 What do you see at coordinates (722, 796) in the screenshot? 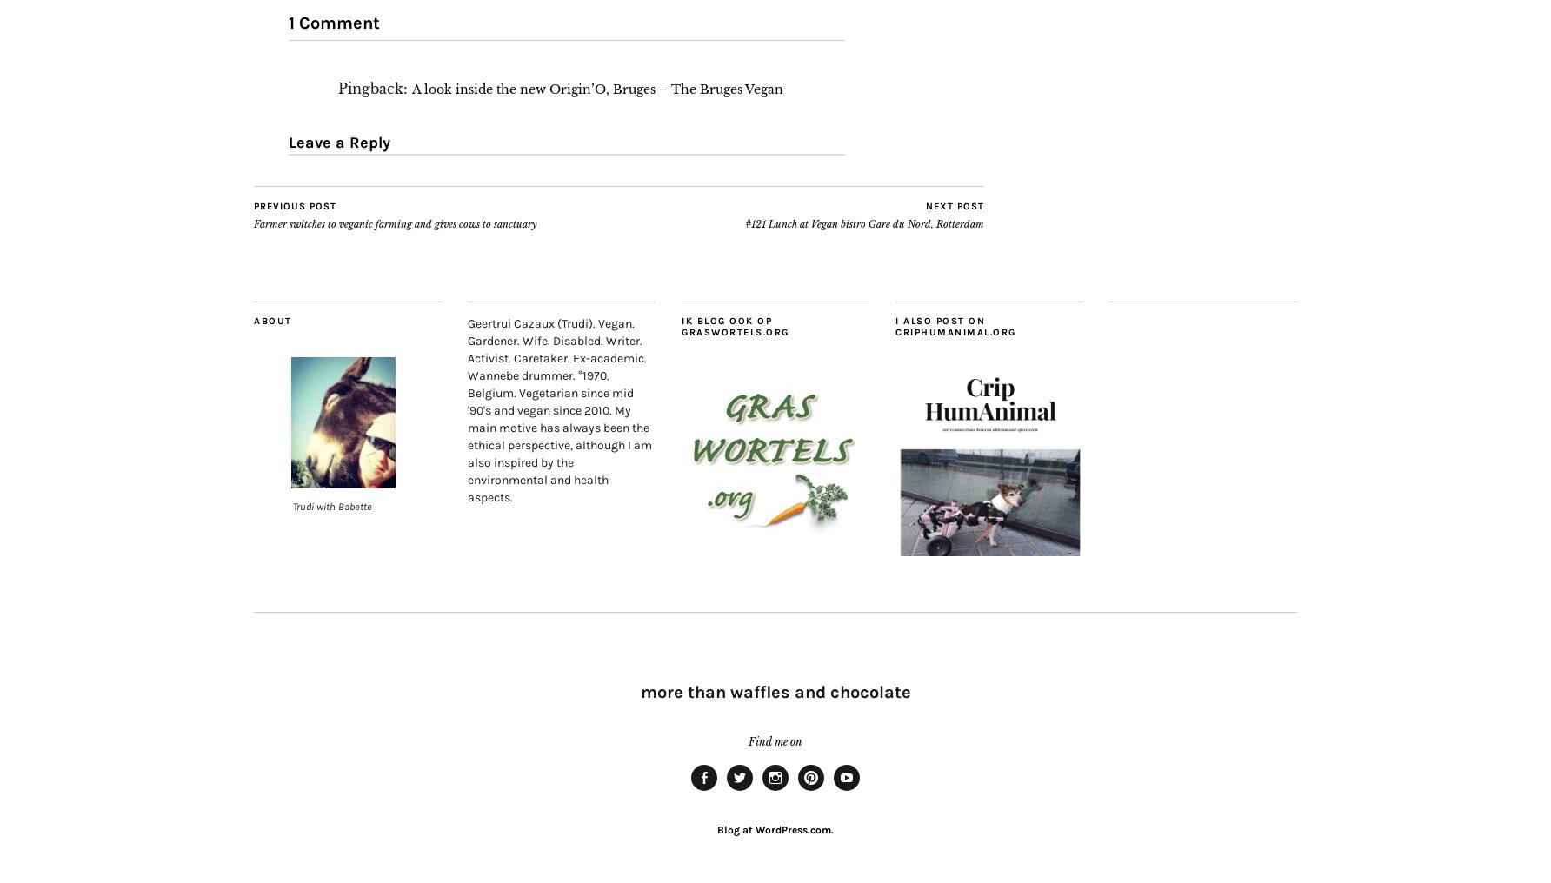
I see `'facebook'` at bounding box center [722, 796].